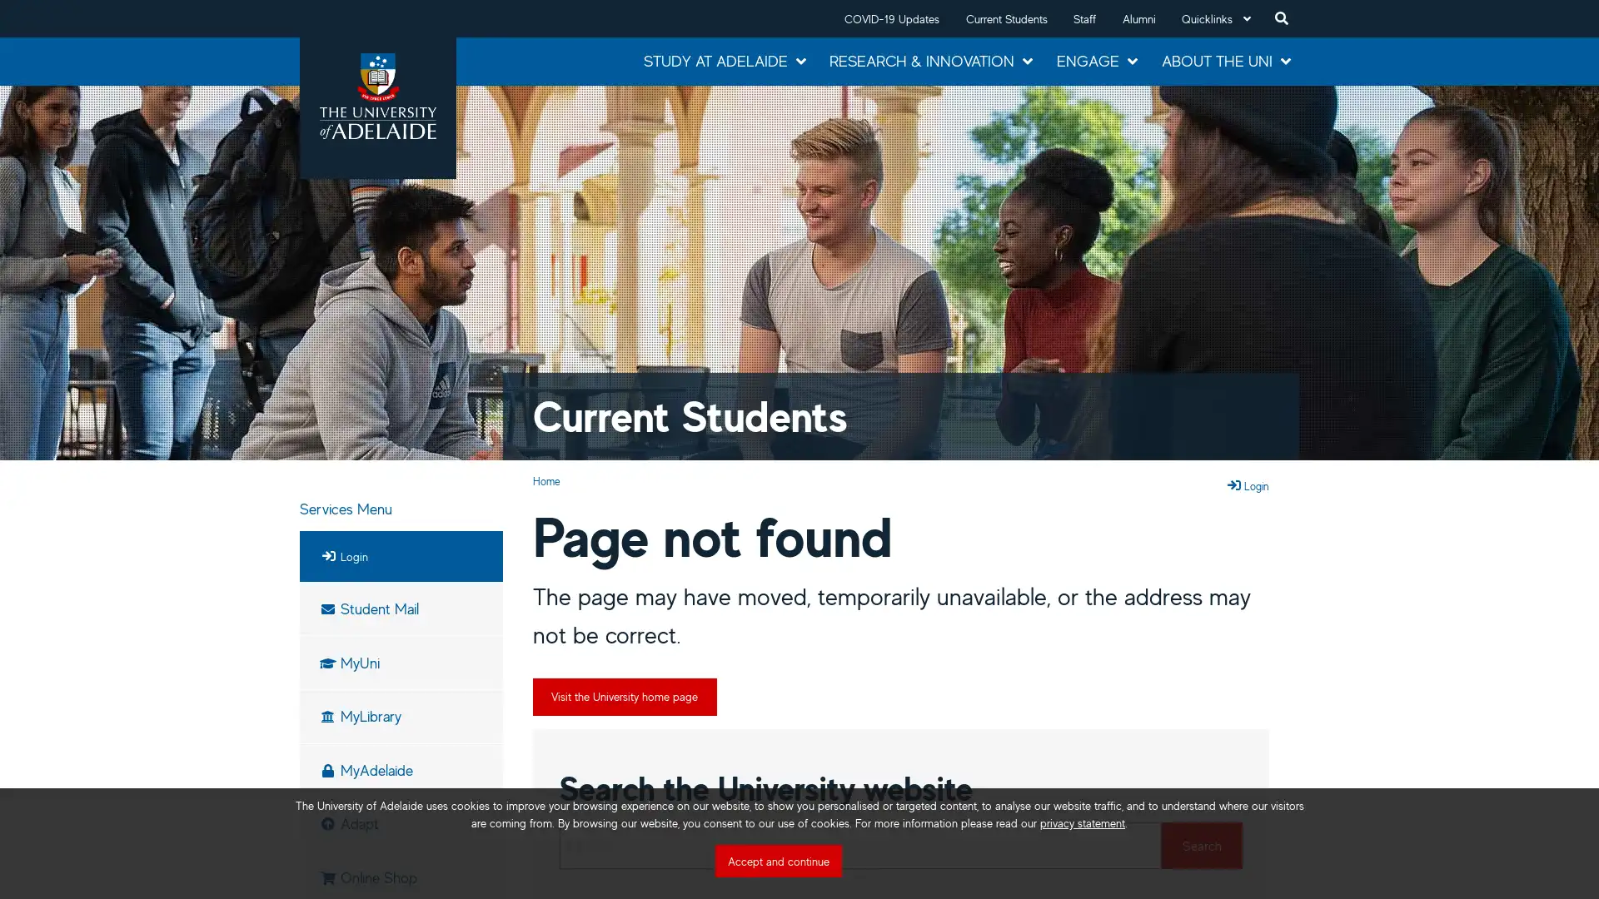 This screenshot has height=899, width=1599. Describe the element at coordinates (1202, 845) in the screenshot. I see `Search` at that location.